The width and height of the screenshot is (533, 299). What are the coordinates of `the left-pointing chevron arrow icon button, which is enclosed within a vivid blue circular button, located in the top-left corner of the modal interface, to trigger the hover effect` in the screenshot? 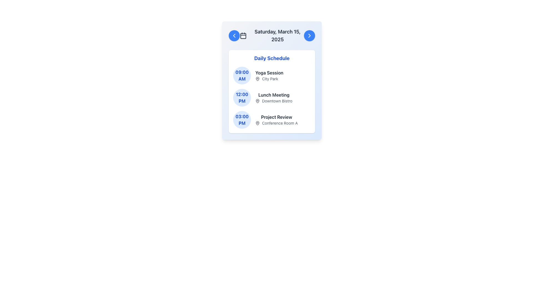 It's located at (234, 35).